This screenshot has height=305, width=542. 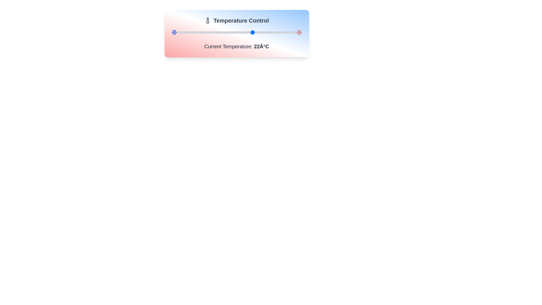 I want to click on the temperature, so click(x=246, y=32).